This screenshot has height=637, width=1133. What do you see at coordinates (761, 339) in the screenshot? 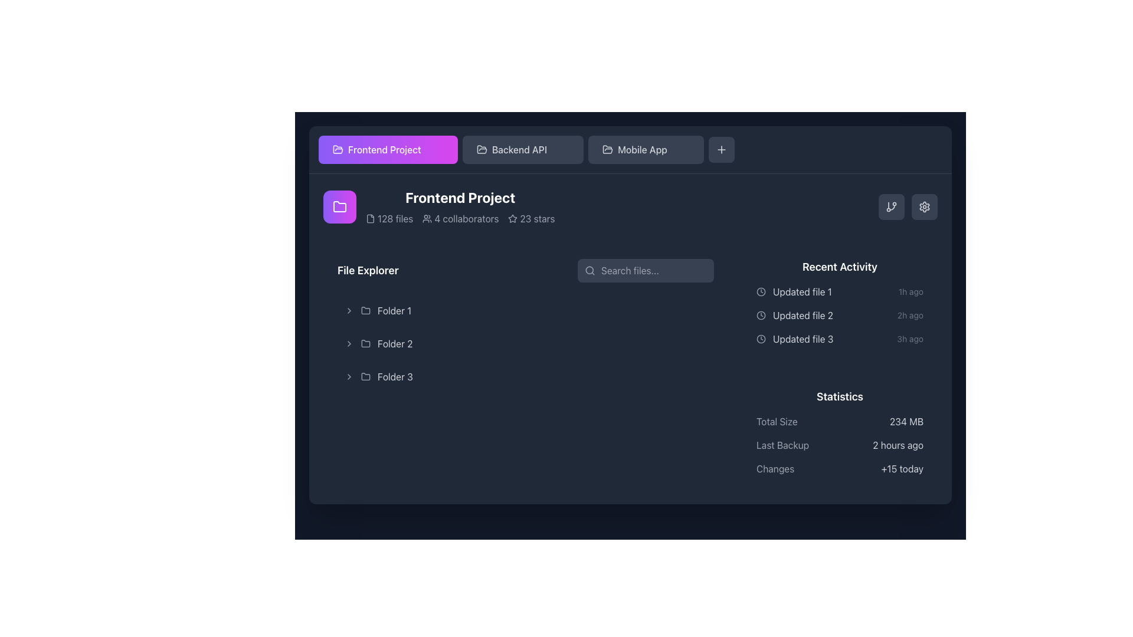
I see `the SVG circle element of the clock icon indicating update time for the associated file, located to the left of the text 'Updated file 3' in the 'Recent Activity' section` at bounding box center [761, 339].